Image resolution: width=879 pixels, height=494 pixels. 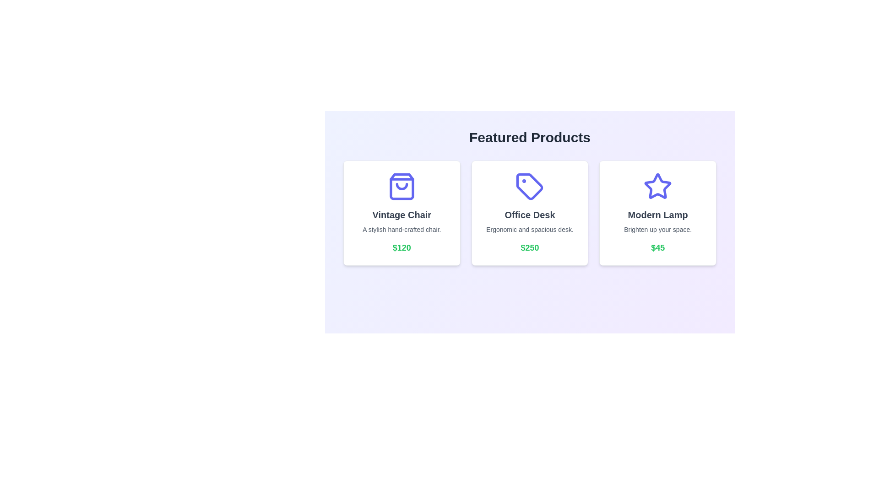 What do you see at coordinates (657, 229) in the screenshot?
I see `the descriptive subtitle element for the product located below the title 'Modern Lamp' and above the price text '$45'` at bounding box center [657, 229].